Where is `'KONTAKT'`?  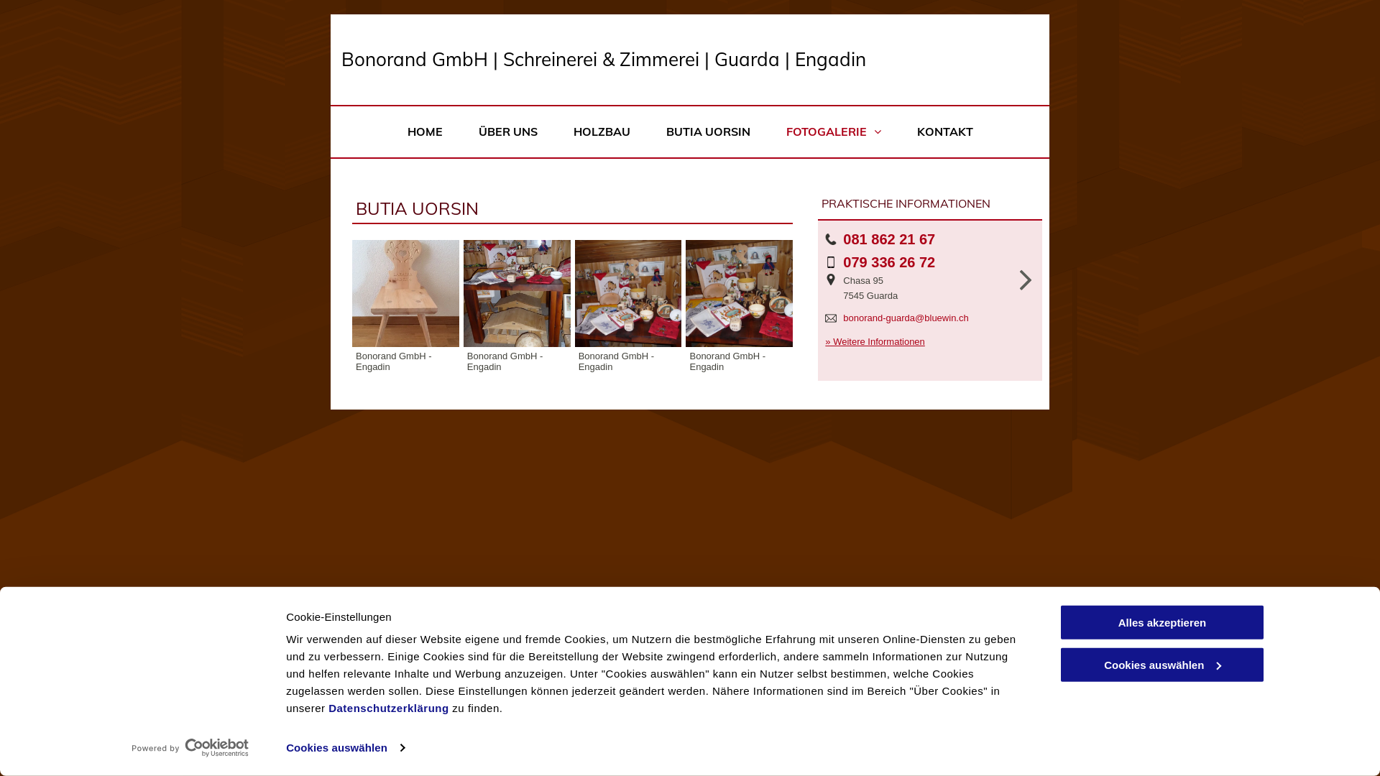 'KONTAKT' is located at coordinates (897, 131).